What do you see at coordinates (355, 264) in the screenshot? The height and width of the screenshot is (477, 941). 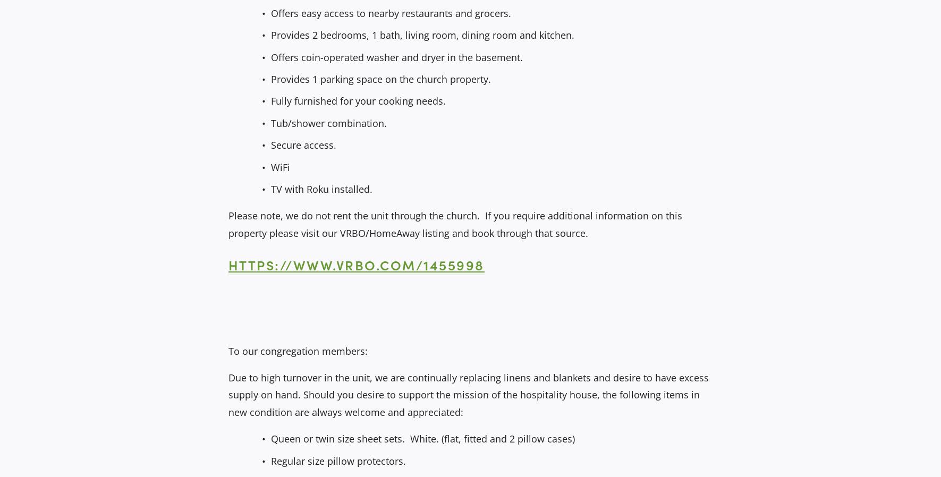 I see `'https://www.vrbo.com/1455998'` at bounding box center [355, 264].